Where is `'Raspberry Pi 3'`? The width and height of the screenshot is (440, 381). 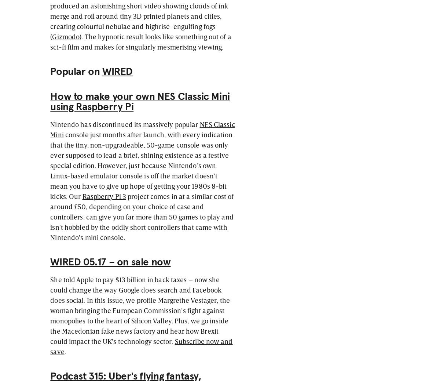 'Raspberry Pi 3' is located at coordinates (82, 195).